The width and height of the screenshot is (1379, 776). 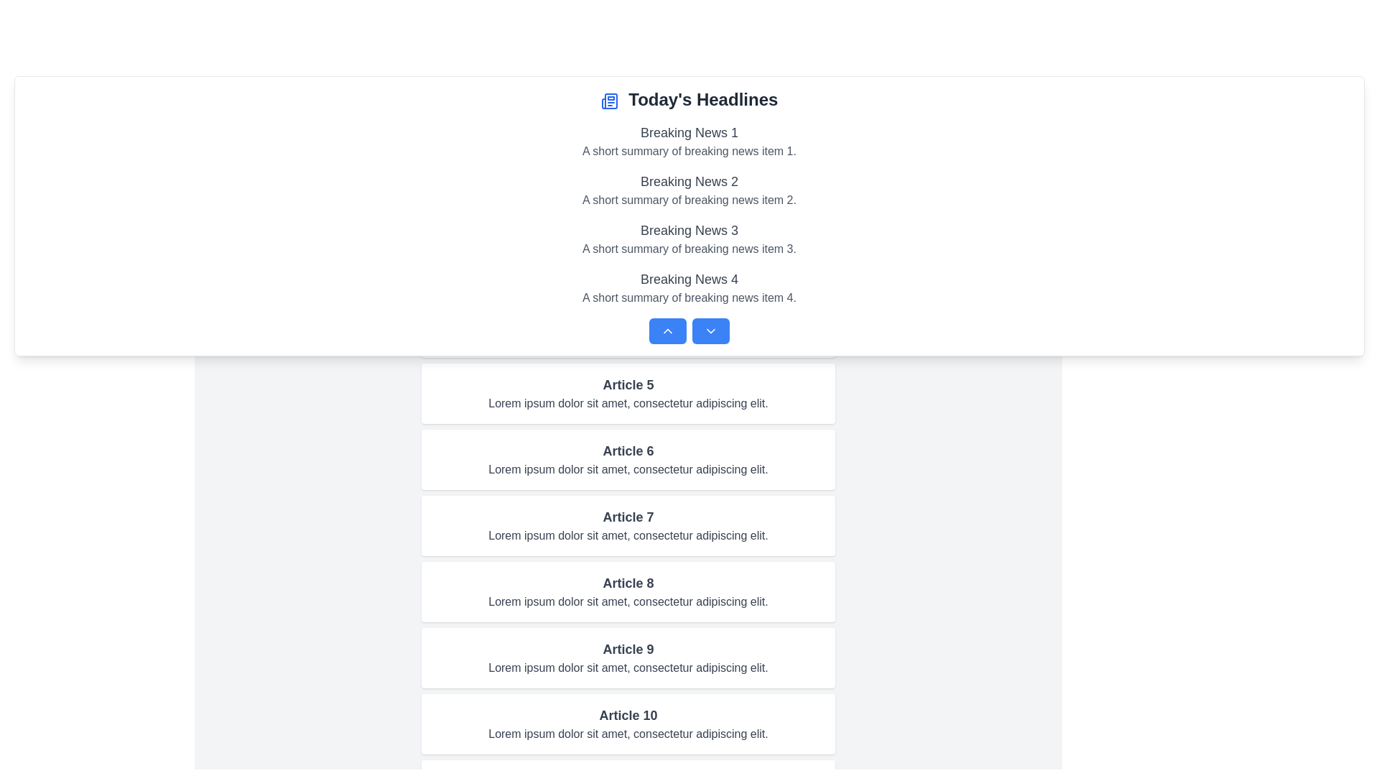 I want to click on the body text of the article entry located directly below the primary header 'Article 8', which provides supplementary descriptive information for the article, so click(x=628, y=601).